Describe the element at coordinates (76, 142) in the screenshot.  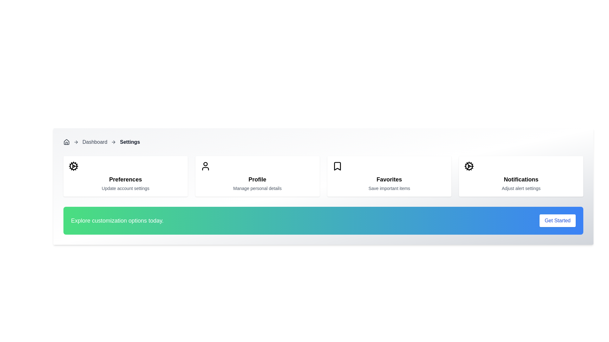
I see `the Breadcrumb arrow icon located in the breadcrumb navigation area, which separates the 'Dashboard' and 'Settings' text items` at that location.